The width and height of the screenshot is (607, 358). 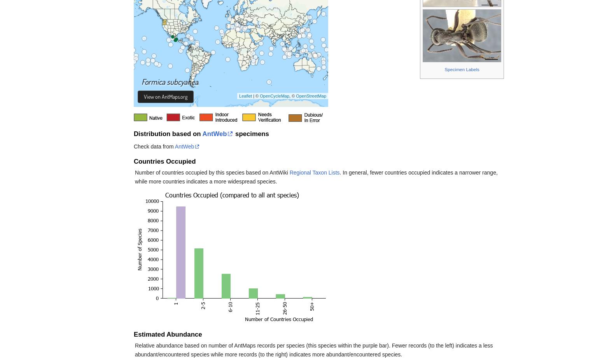 I want to click on 'Estimated Abundance', so click(x=167, y=334).